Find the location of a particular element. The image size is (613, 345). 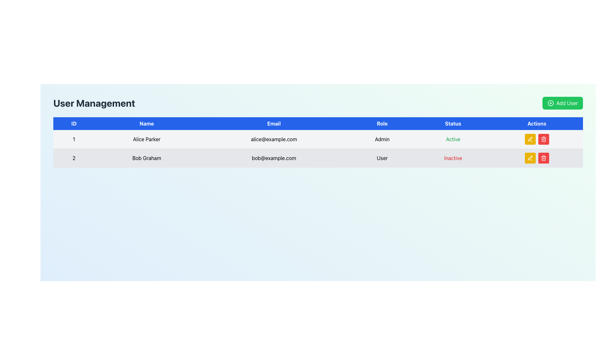

the pen icon button with a yellow background and white strokes located in the second row of the 'Actions' column in the user management table is located at coordinates (530, 139).